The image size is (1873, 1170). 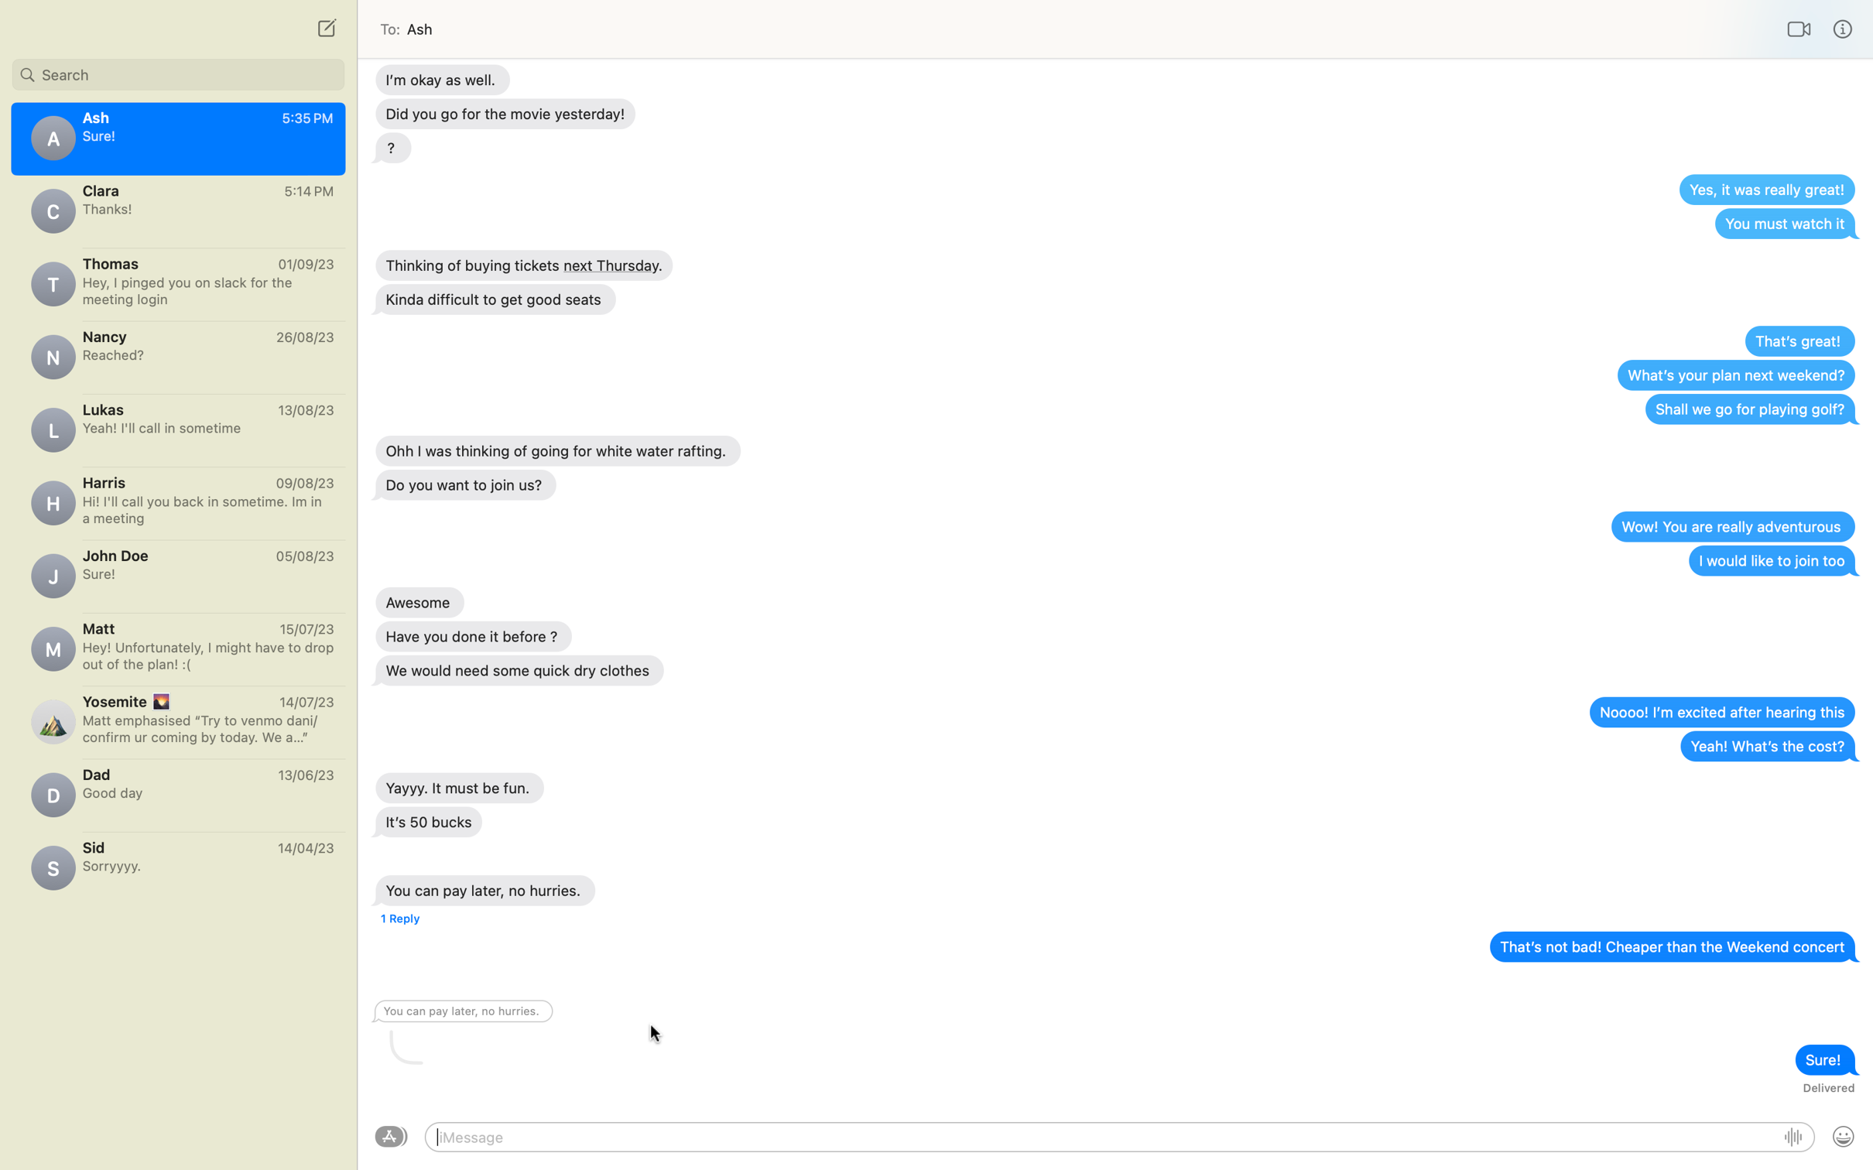 What do you see at coordinates (177, 210) in the screenshot?
I see `Send a text to Clara expressing "I caught the movie, it was brilliant!` at bounding box center [177, 210].